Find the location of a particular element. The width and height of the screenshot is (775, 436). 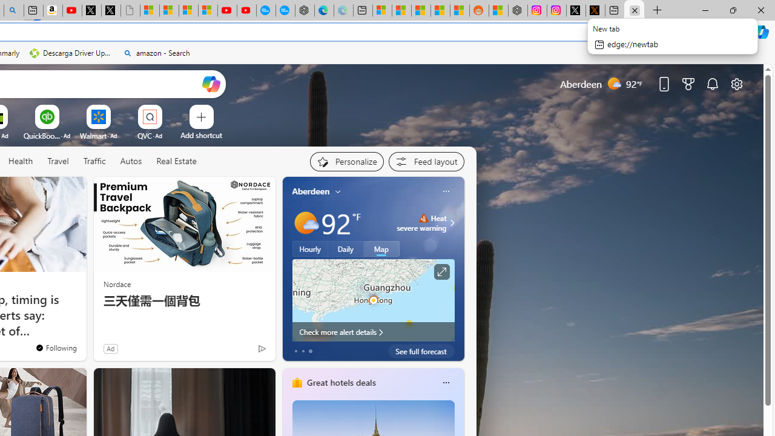

'Microsoft rewards' is located at coordinates (688, 83).